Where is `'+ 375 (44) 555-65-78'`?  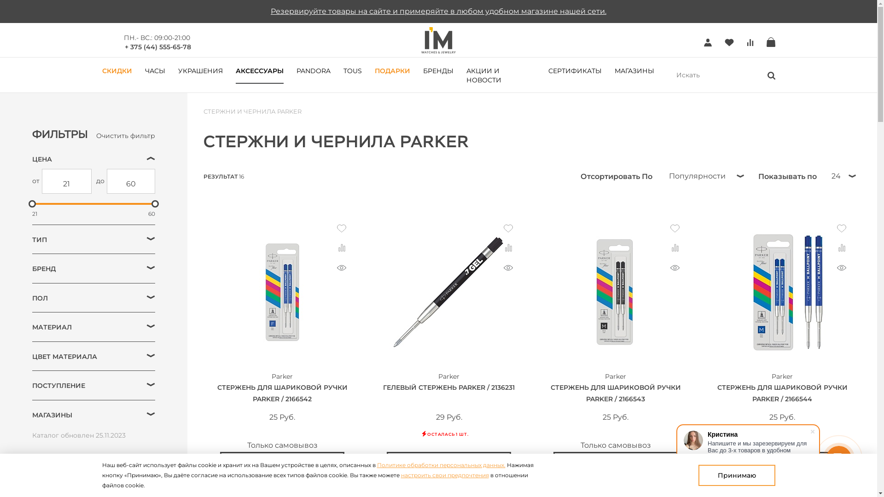
'+ 375 (44) 555-65-78' is located at coordinates (157, 46).